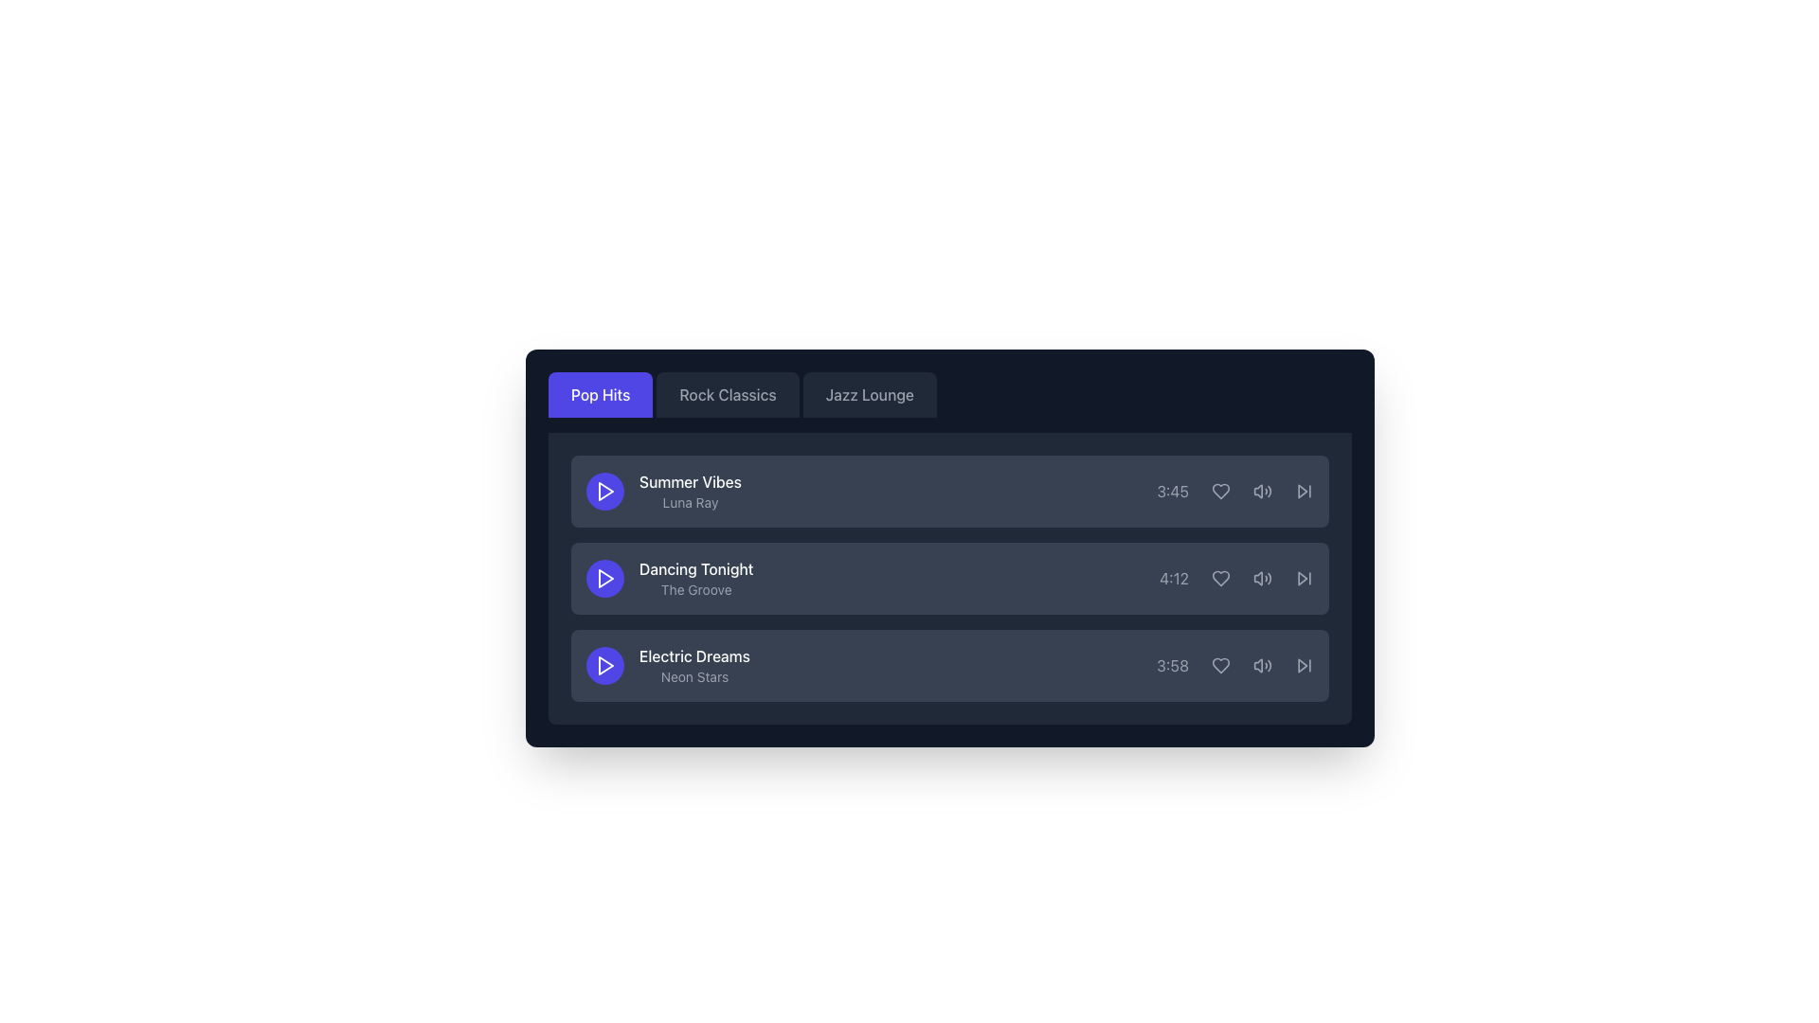  I want to click on the favorite button for the song 'Summer Vibes', located to the right of the text displaying '3:45' and slightly left of a sound icon, so click(1221, 491).